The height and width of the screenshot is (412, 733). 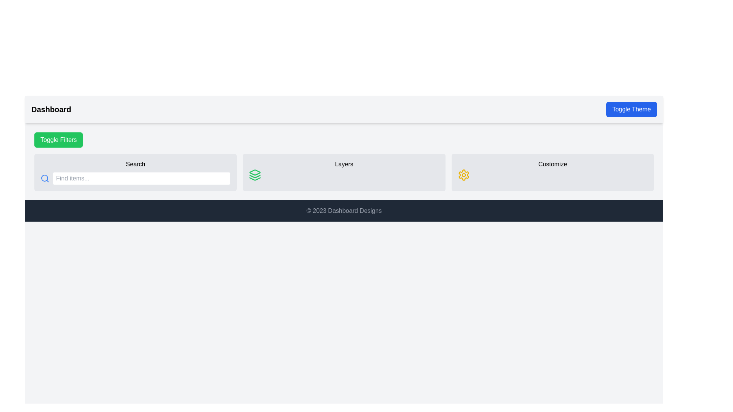 I want to click on the gear icon located in the 'Customize' section, which is positioned on the rightmost card in the top row of the interface, beneath the text label 'Customize', so click(x=463, y=175).